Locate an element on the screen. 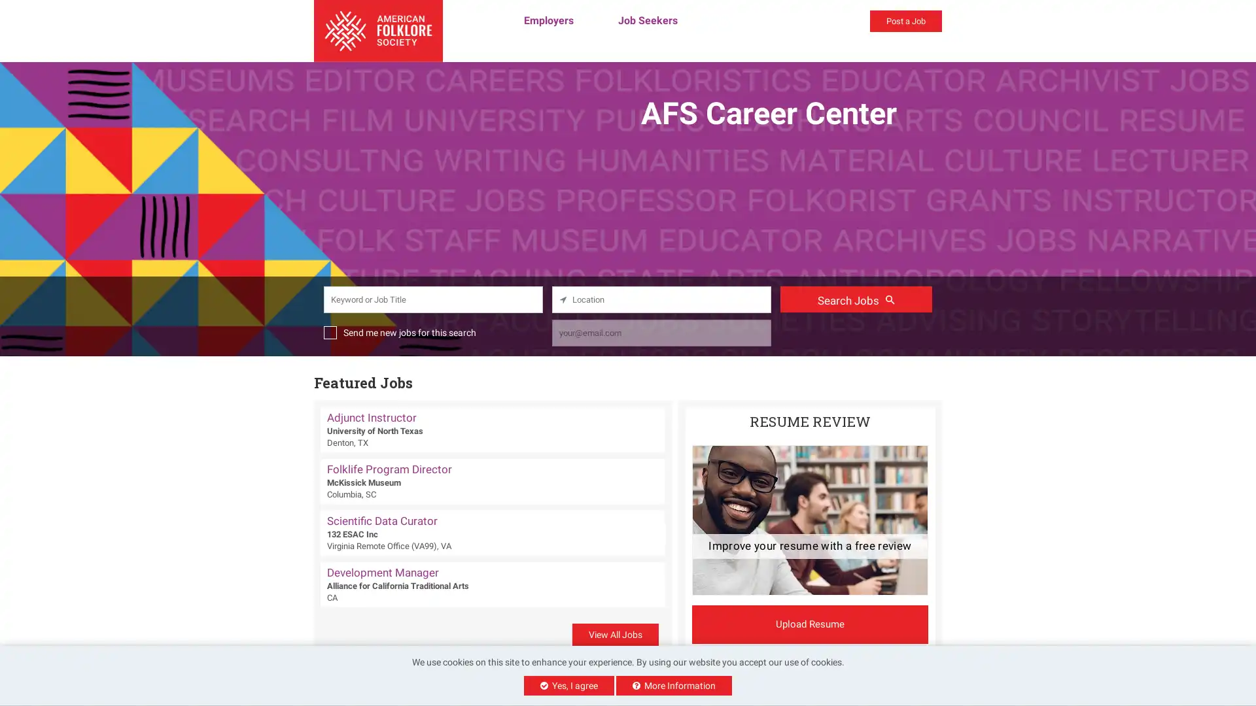 This screenshot has width=1256, height=706. Yes, I agree is located at coordinates (568, 685).